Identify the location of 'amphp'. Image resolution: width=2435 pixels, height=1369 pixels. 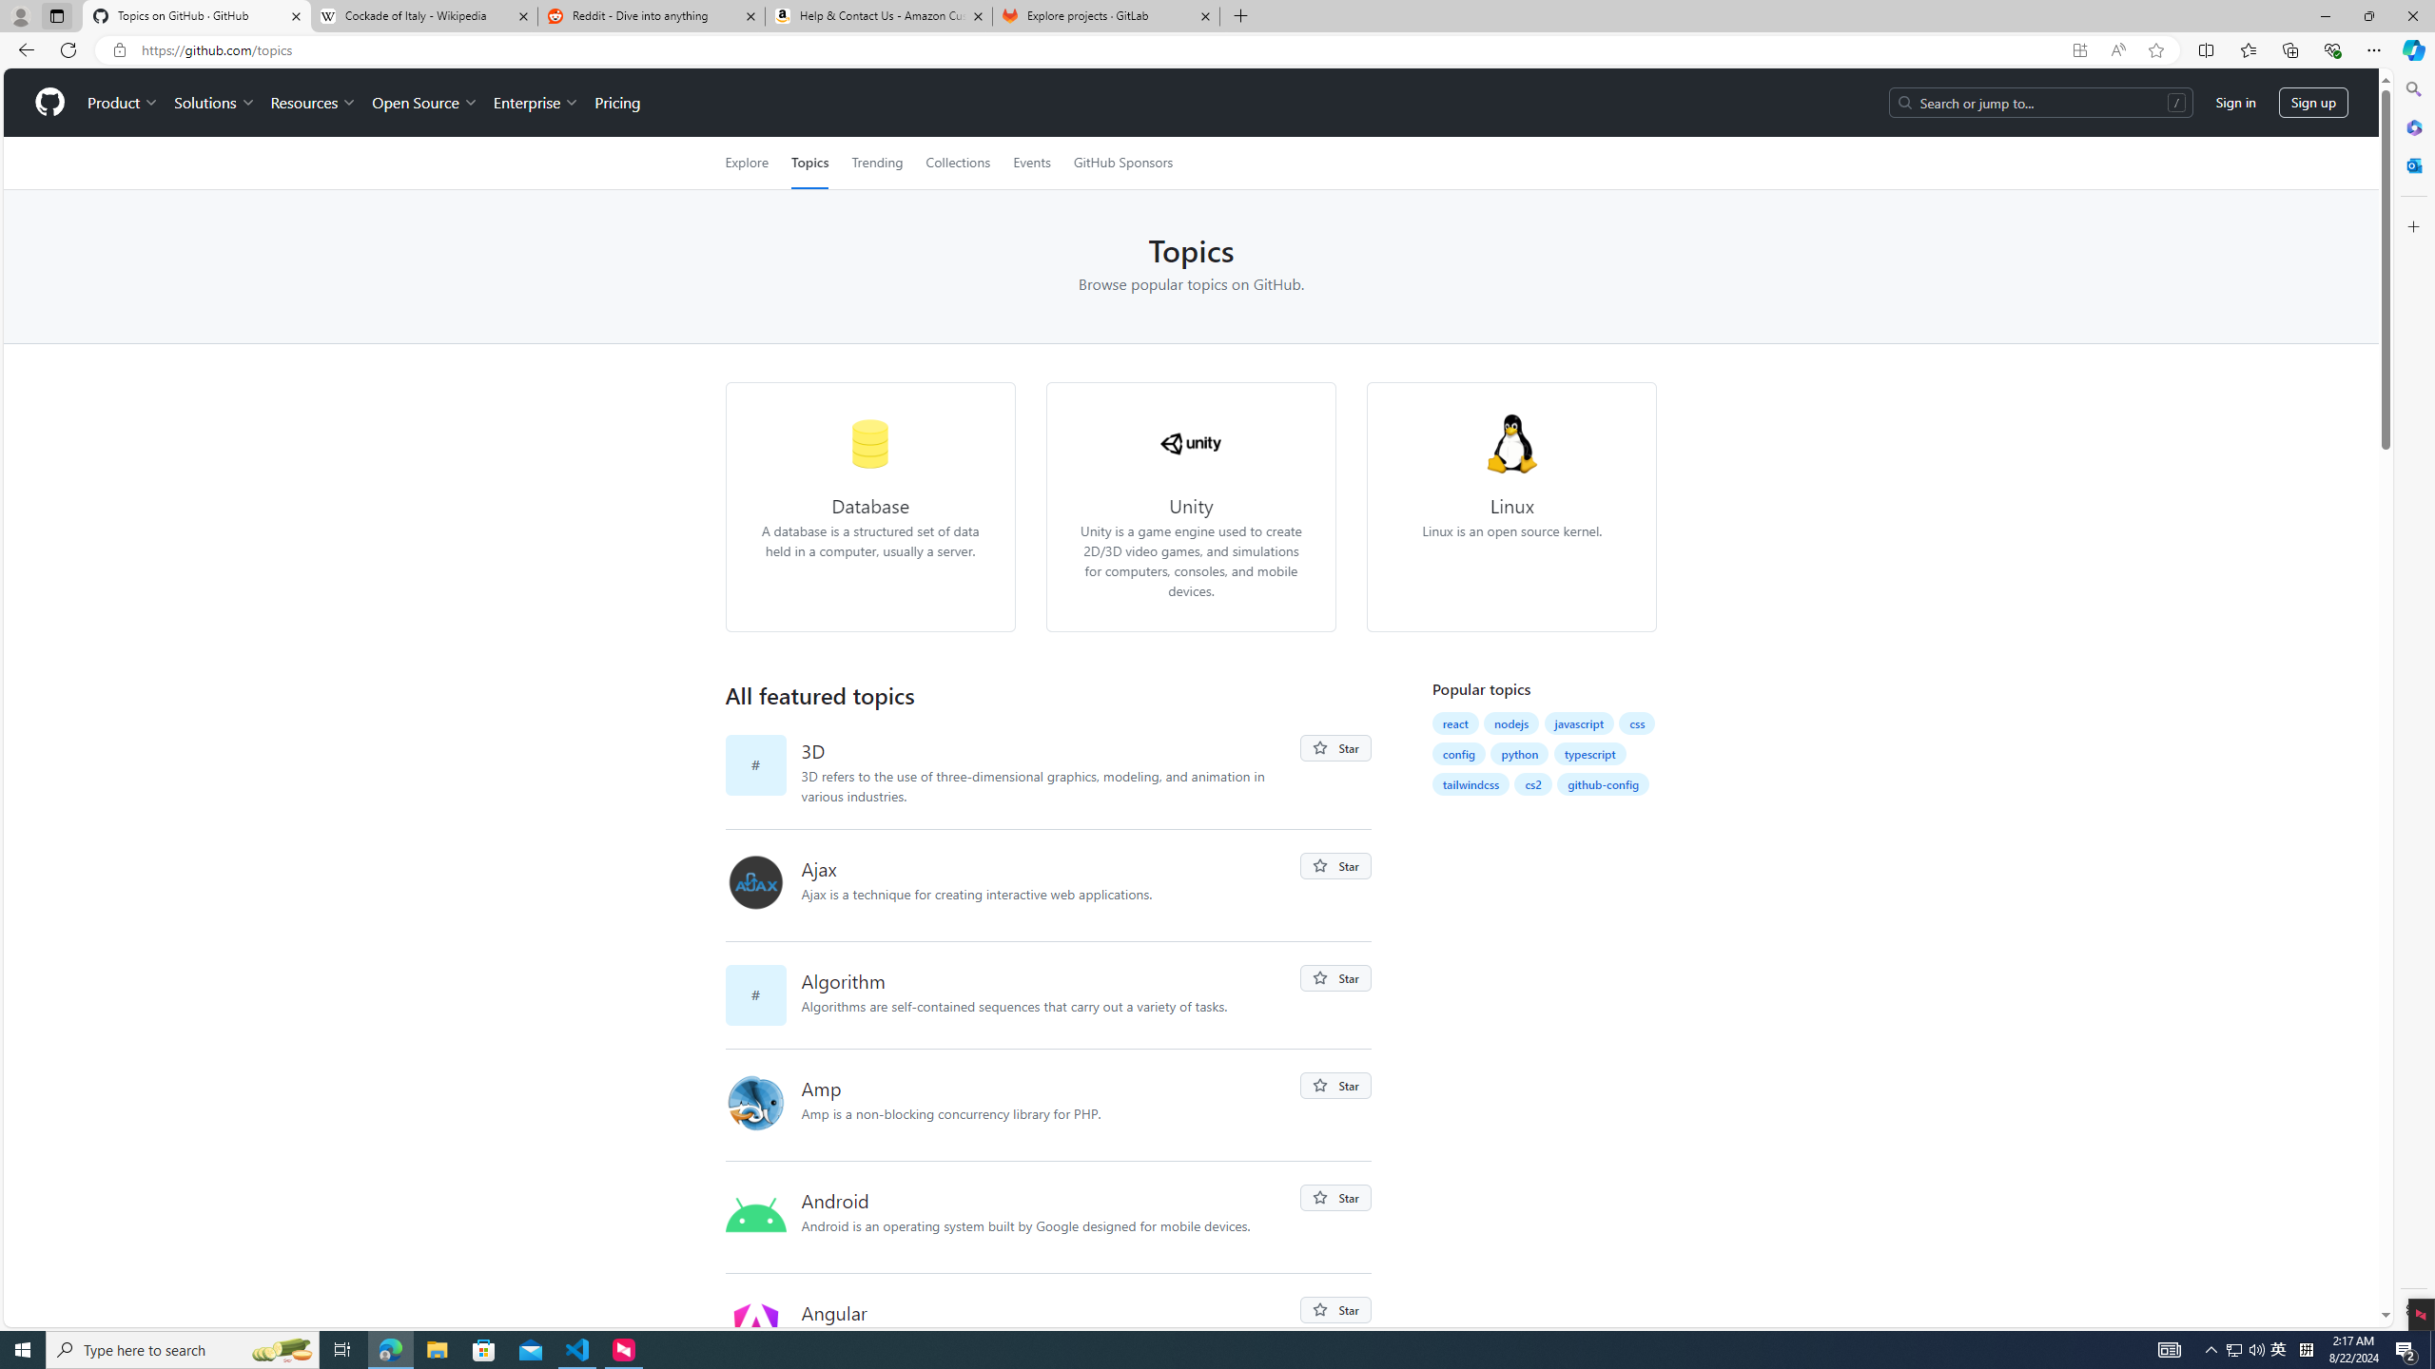
(755, 1101).